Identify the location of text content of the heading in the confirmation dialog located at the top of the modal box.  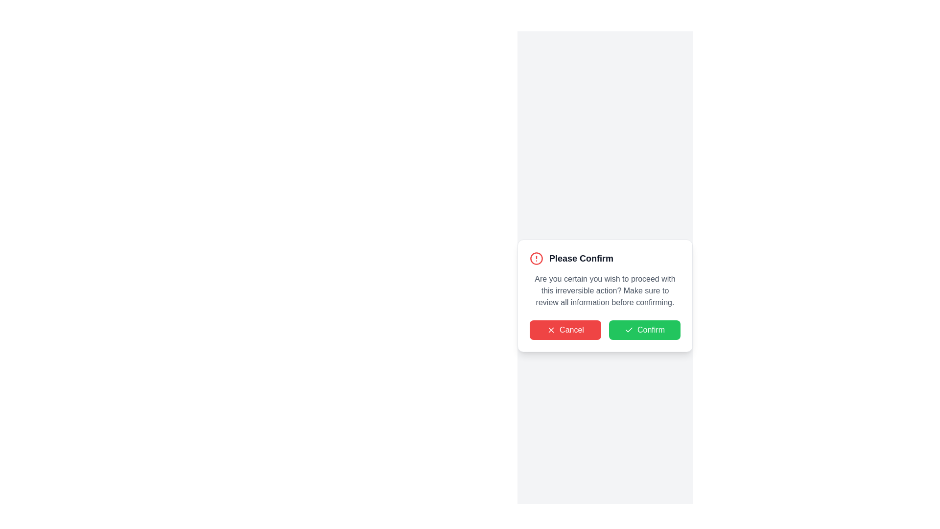
(605, 258).